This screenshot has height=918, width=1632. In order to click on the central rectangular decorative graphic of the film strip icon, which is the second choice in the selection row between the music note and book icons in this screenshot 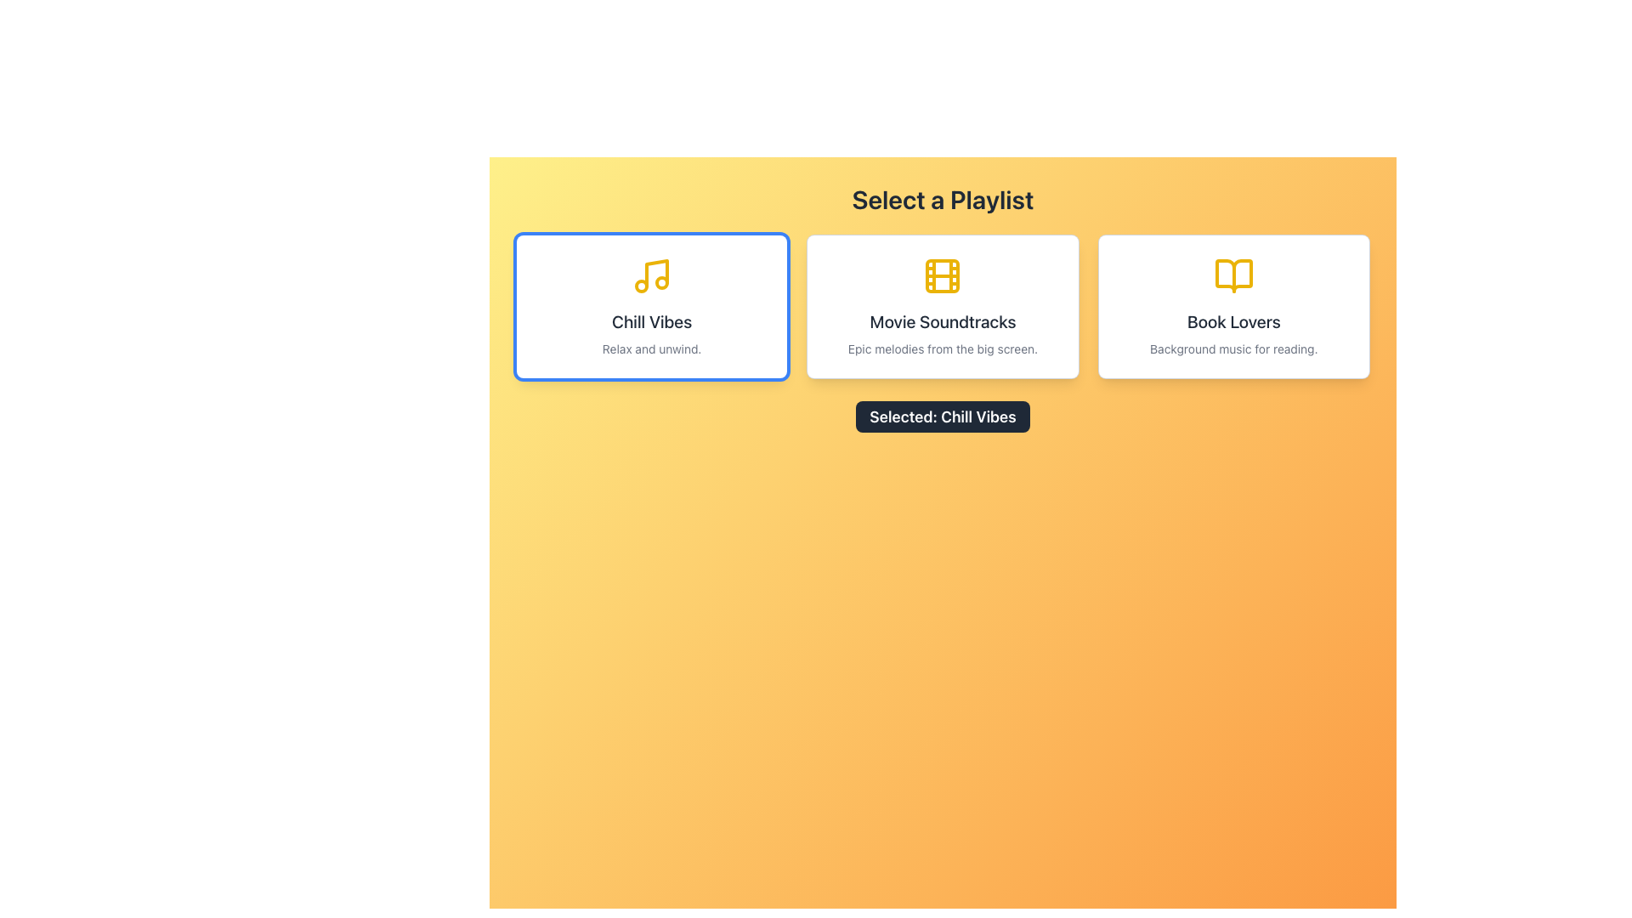, I will do `click(942, 275)`.